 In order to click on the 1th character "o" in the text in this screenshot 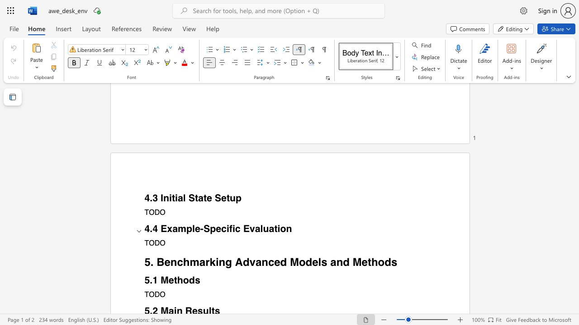, I will do `click(282, 228)`.